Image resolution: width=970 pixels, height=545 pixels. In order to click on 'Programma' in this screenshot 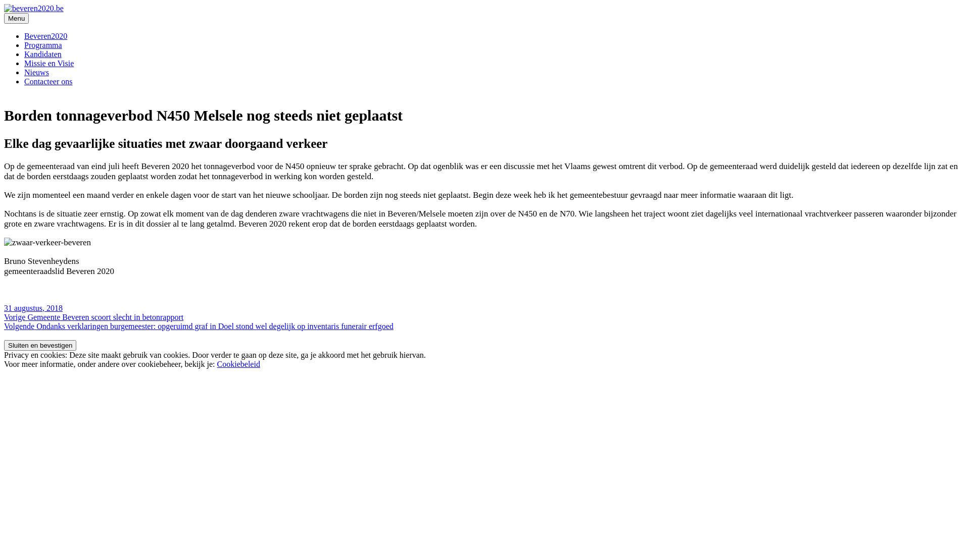, I will do `click(42, 44)`.